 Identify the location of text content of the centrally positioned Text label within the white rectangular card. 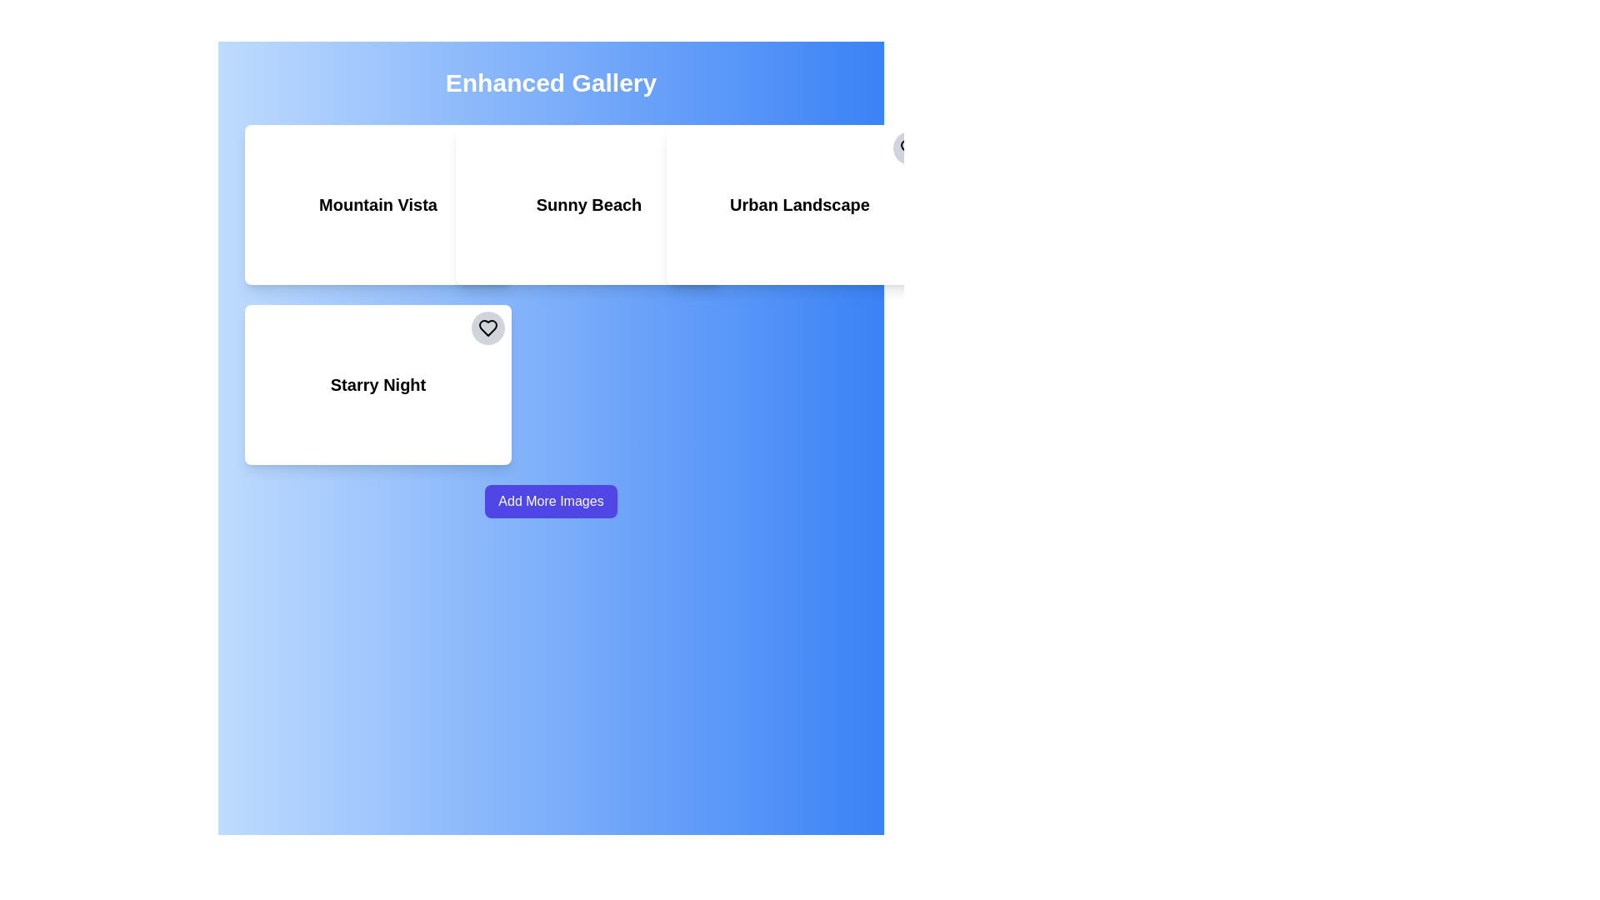
(377, 204).